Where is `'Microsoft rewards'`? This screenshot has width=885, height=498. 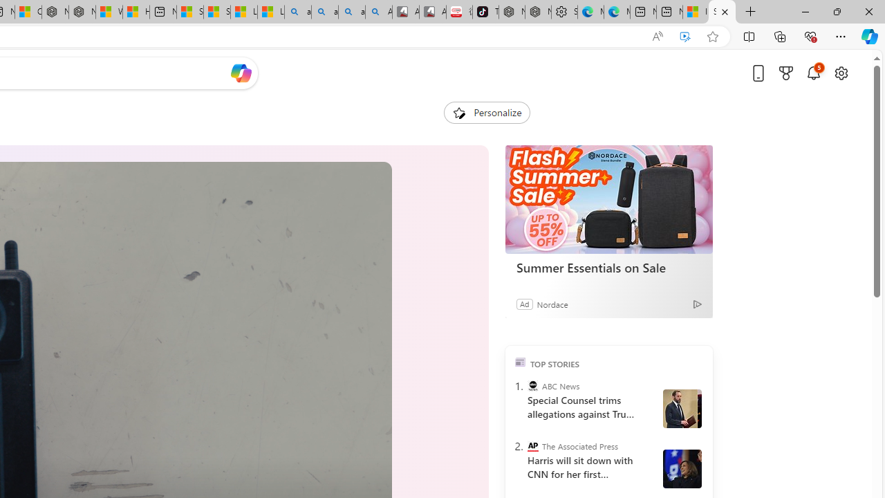 'Microsoft rewards' is located at coordinates (786, 73).